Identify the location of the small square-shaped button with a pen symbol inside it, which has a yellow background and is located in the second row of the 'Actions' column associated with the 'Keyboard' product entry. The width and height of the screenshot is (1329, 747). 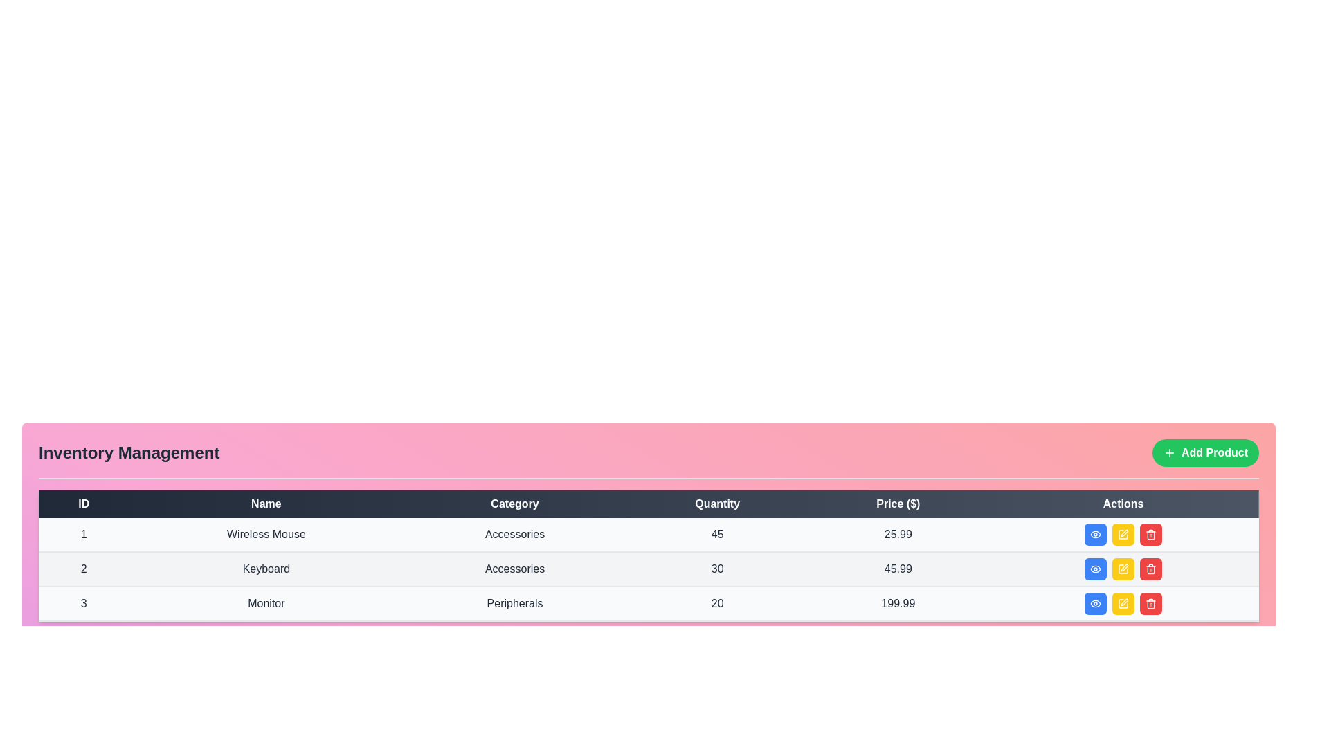
(1123, 569).